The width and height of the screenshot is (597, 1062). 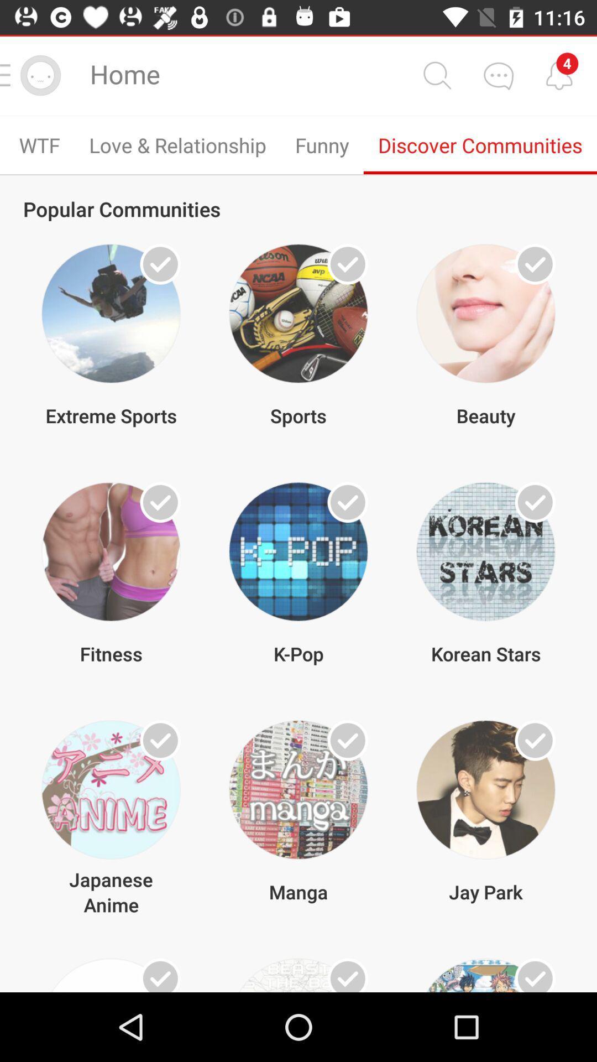 I want to click on multiple, so click(x=347, y=502).